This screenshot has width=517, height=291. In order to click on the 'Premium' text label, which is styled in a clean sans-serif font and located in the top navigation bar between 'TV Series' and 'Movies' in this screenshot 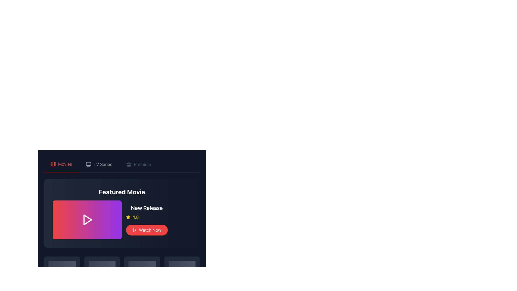, I will do `click(142, 164)`.